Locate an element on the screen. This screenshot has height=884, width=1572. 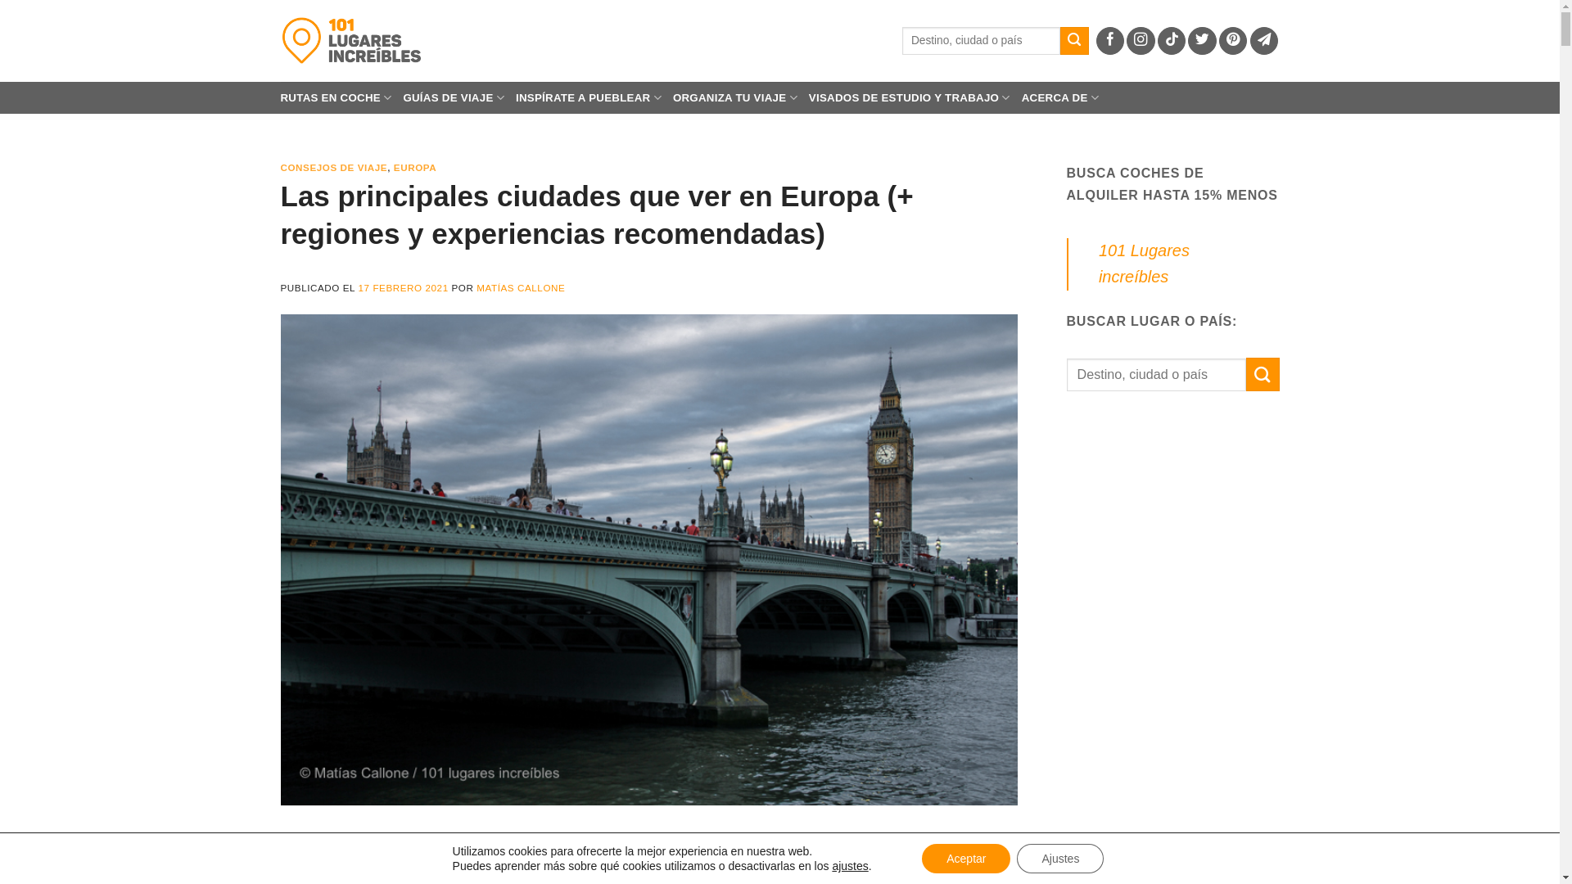
'Ajustes' is located at coordinates (1060, 858).